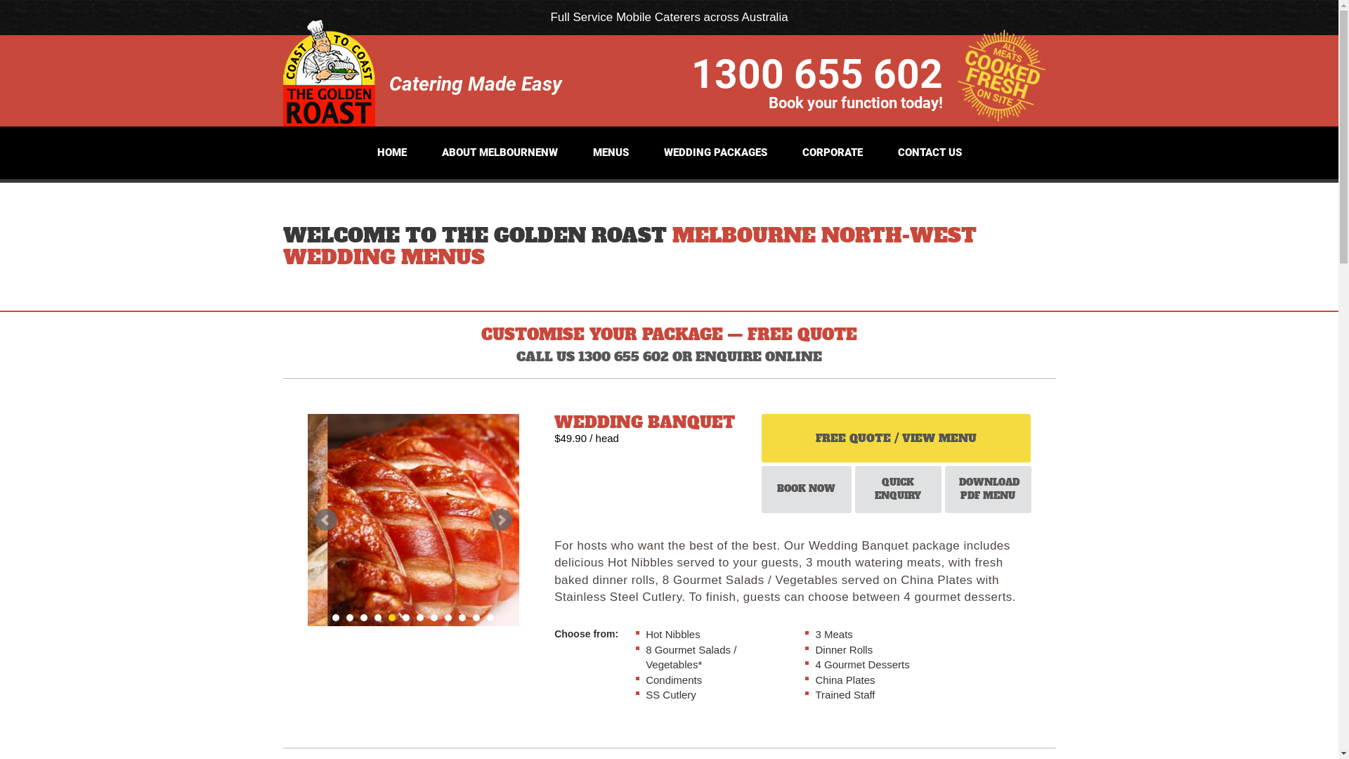 The image size is (1349, 759). Describe the element at coordinates (795, 153) in the screenshot. I see `'CORPORATE'` at that location.